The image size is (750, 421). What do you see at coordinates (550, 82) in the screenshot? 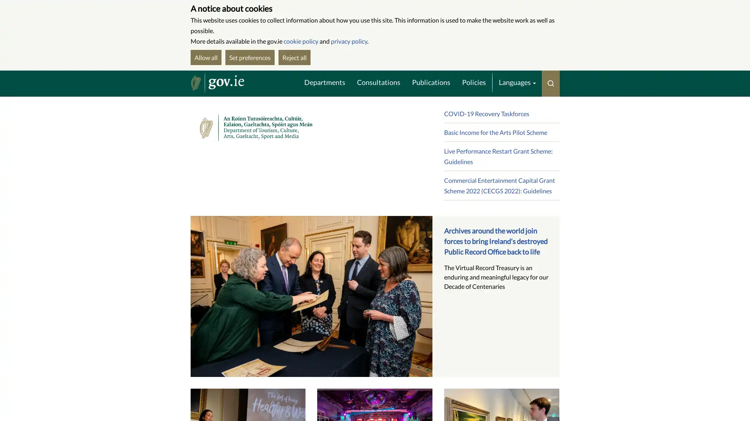
I see `Toggle search menu` at bounding box center [550, 82].